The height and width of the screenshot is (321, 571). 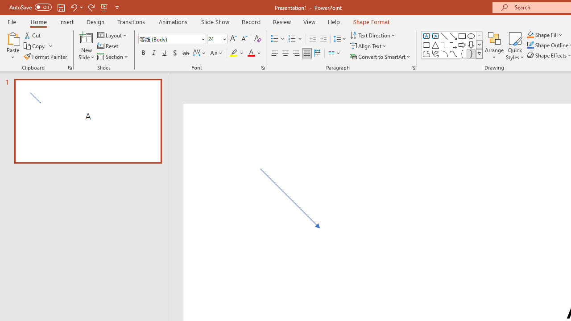 What do you see at coordinates (462, 45) in the screenshot?
I see `'Arrow: Right'` at bounding box center [462, 45].